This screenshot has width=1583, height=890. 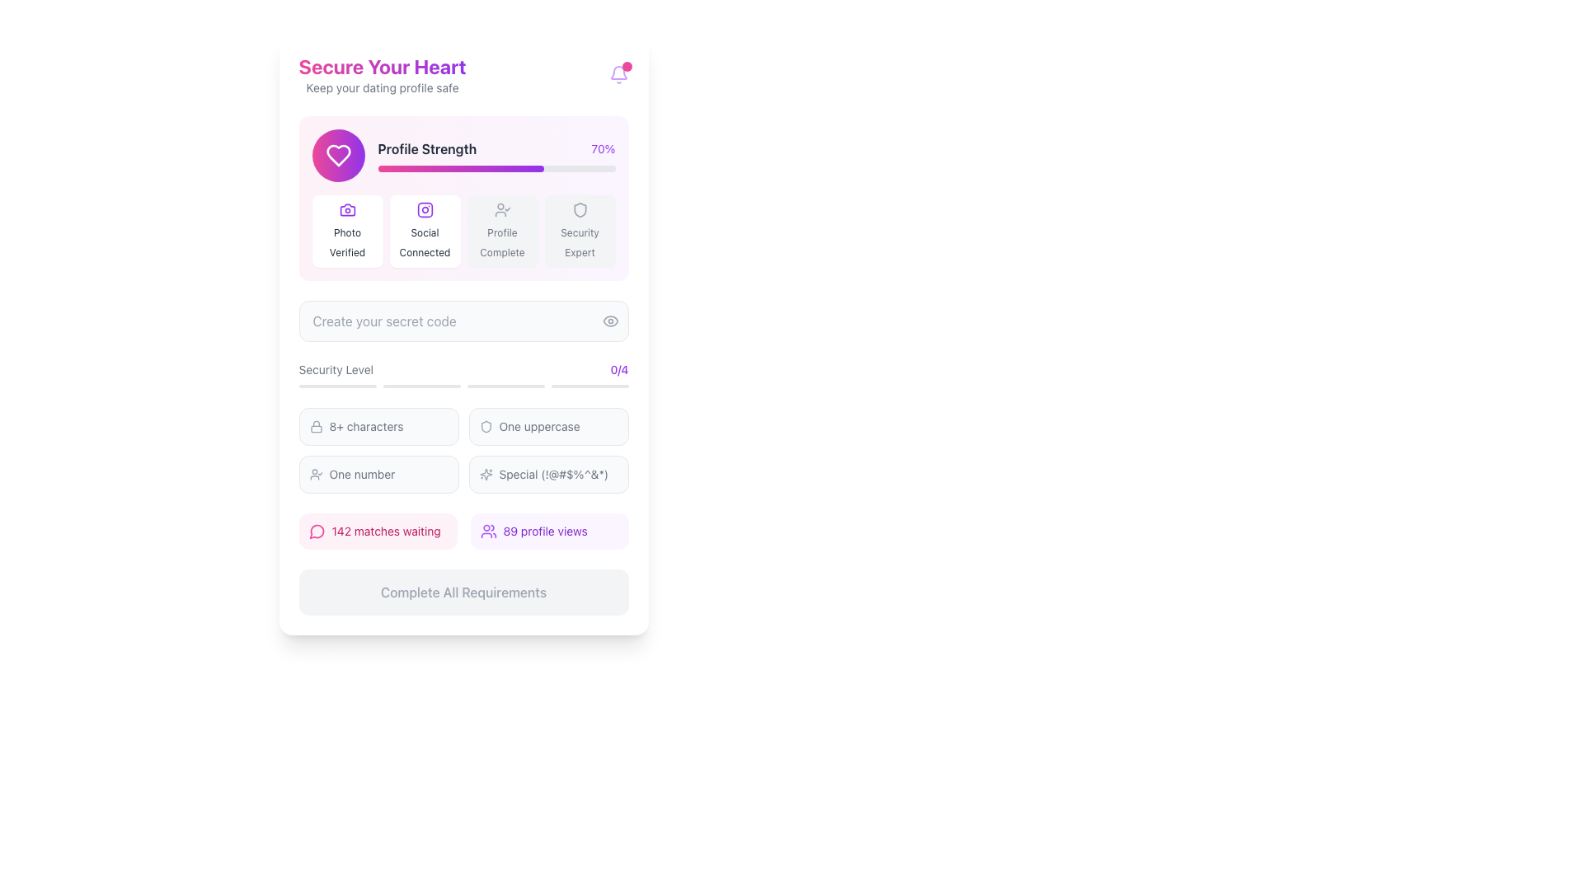 What do you see at coordinates (463, 156) in the screenshot?
I see `the profile completion status component, which includes a progress bar, descriptive text, and an icon, located below the header 'Secure Your Heart'` at bounding box center [463, 156].